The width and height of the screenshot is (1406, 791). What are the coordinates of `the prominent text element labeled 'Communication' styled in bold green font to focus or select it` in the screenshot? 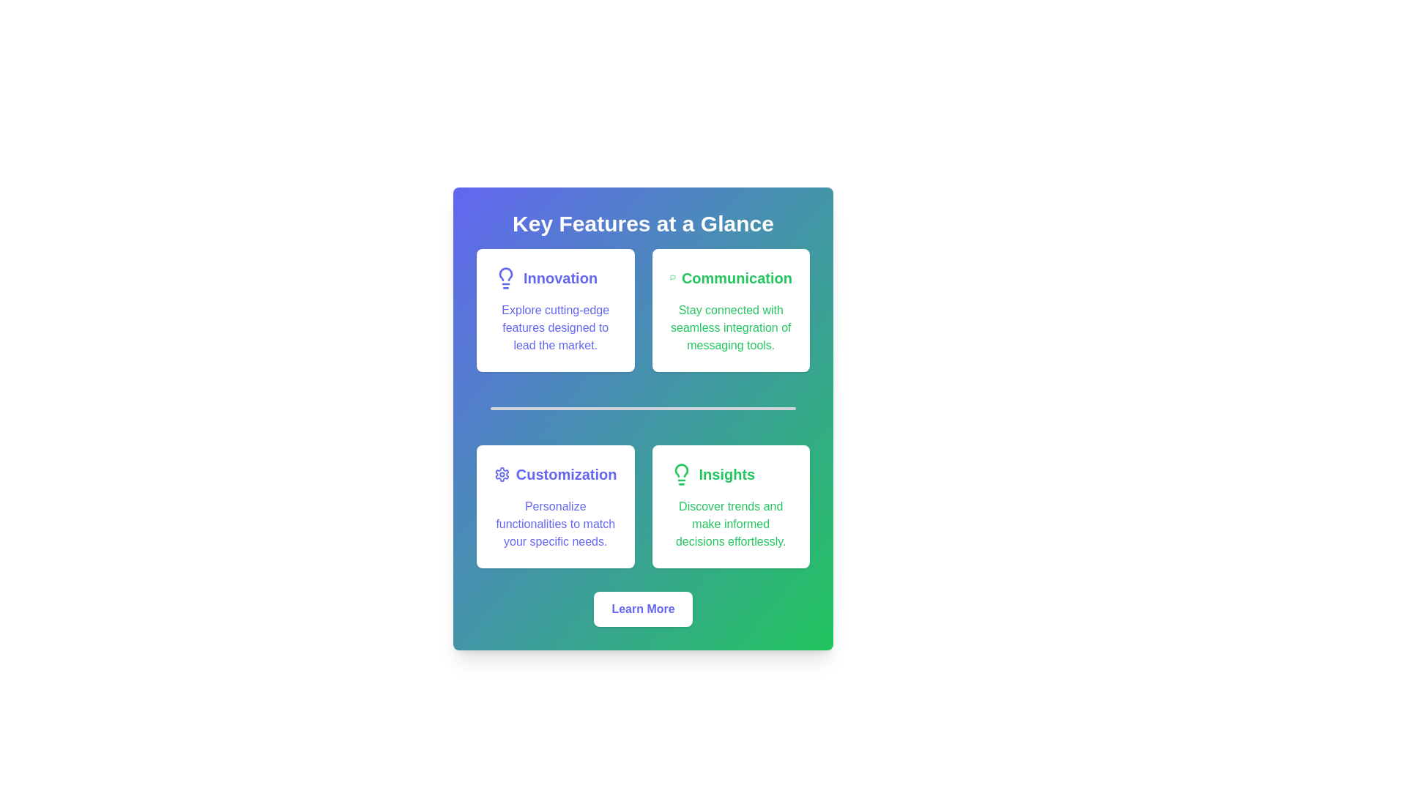 It's located at (731, 278).